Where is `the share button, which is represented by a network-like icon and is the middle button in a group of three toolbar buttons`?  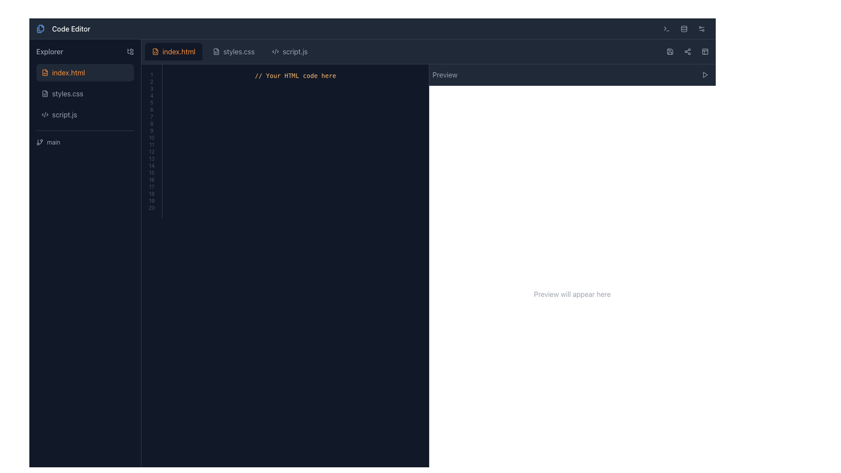
the share button, which is represented by a network-like icon and is the middle button in a group of three toolbar buttons is located at coordinates (687, 52).